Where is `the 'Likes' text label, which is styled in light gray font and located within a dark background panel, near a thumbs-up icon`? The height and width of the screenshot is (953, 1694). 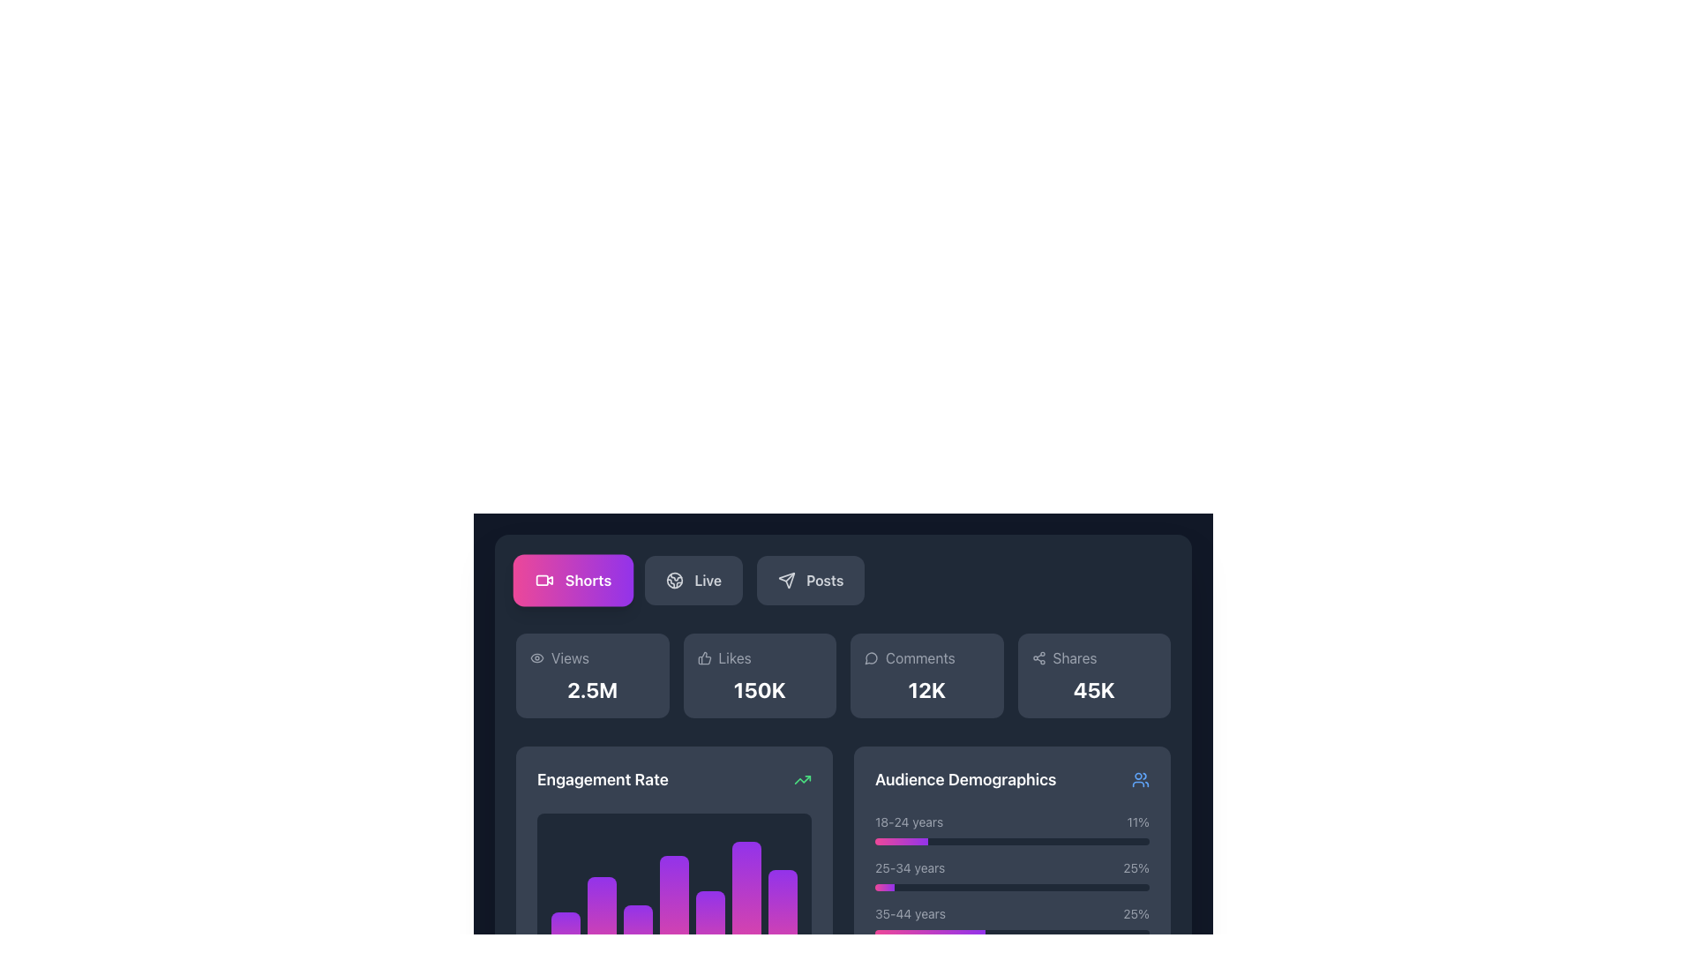 the 'Likes' text label, which is styled in light gray font and located within a dark background panel, near a thumbs-up icon is located at coordinates (735, 657).